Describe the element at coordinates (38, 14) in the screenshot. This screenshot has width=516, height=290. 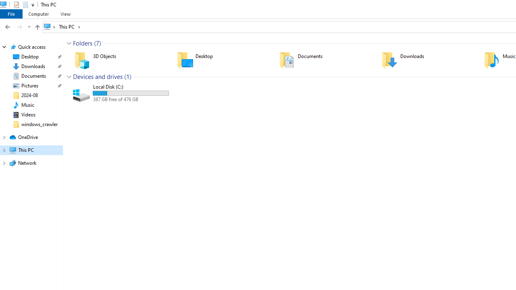
I see `'Computer'` at that location.